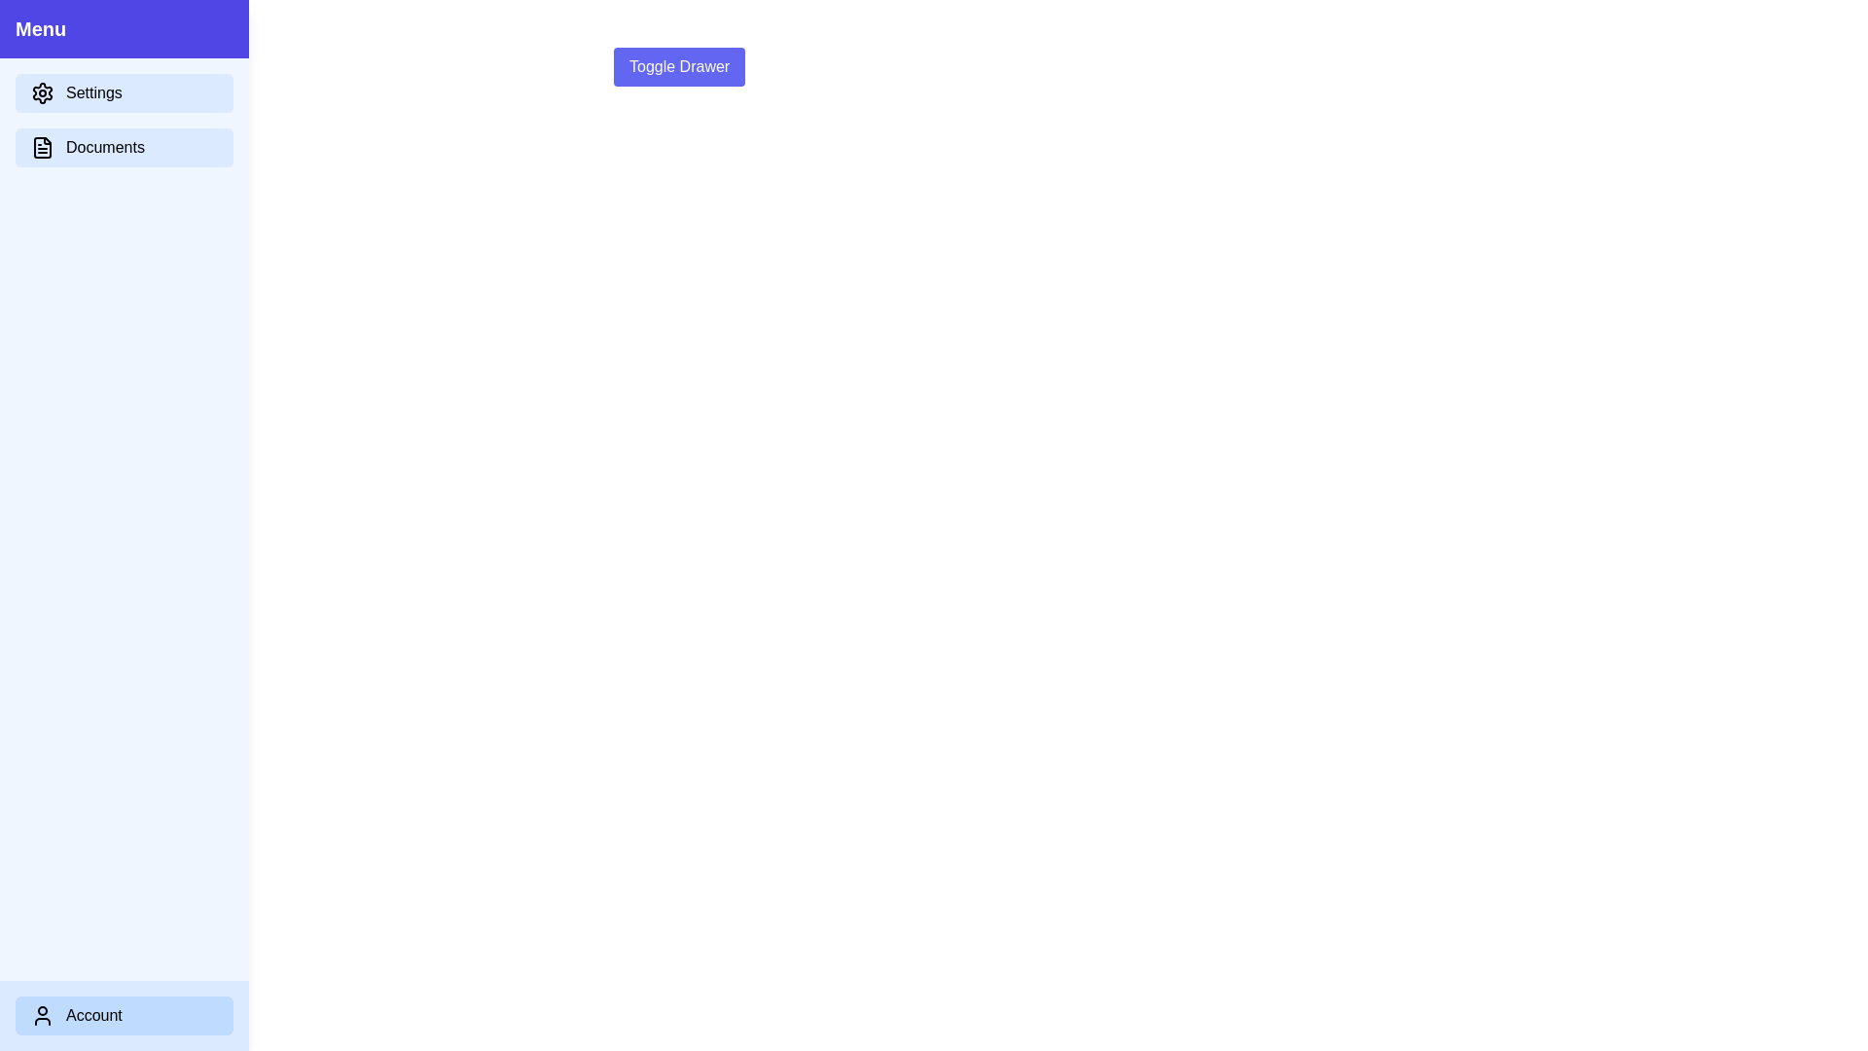  Describe the element at coordinates (124, 93) in the screenshot. I see `the 'Settings' button to interact with it` at that location.